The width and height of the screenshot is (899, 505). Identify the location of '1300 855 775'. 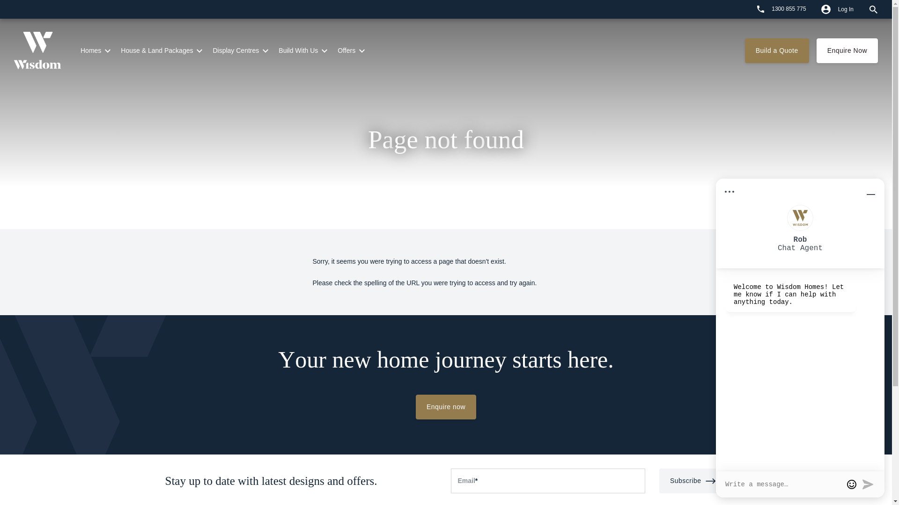
(781, 9).